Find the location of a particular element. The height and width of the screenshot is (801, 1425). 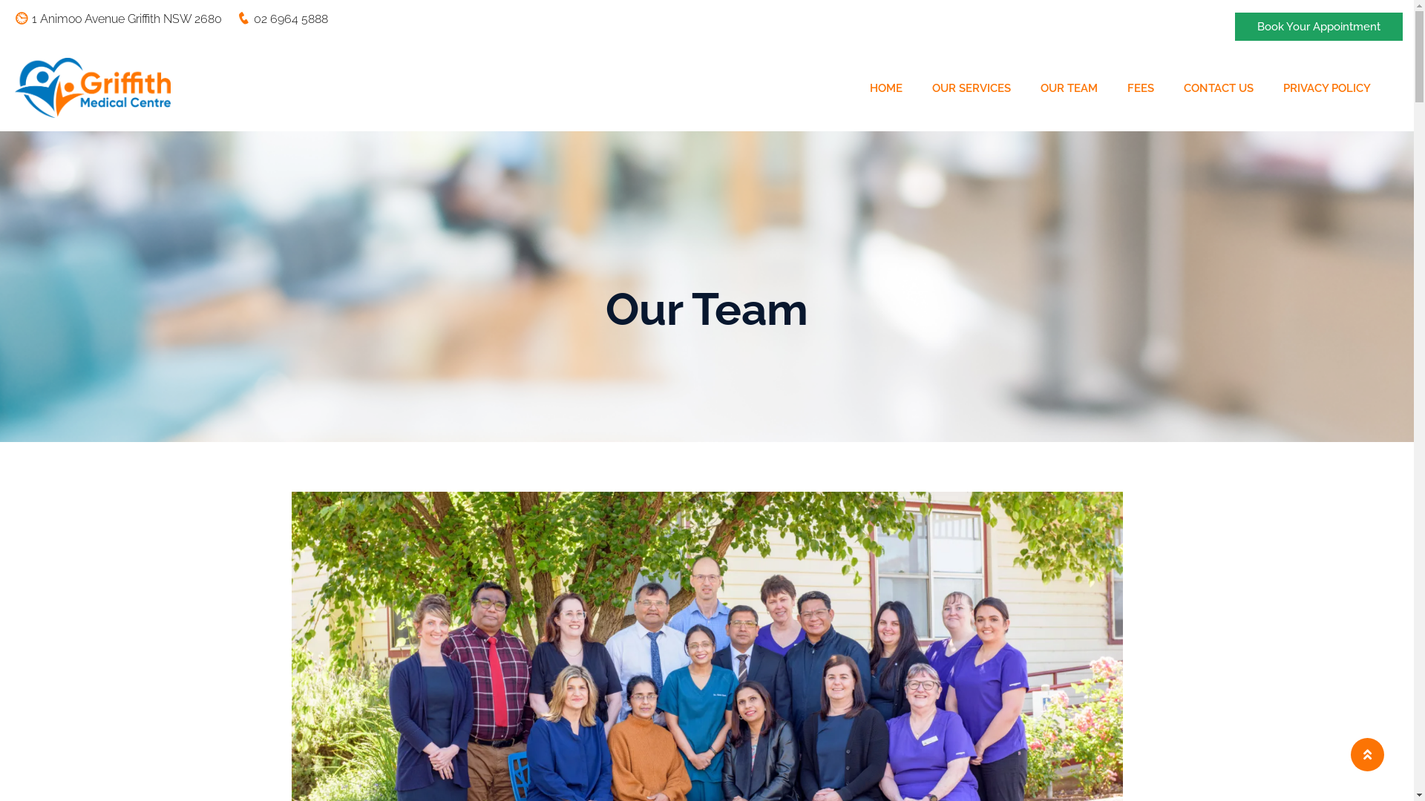

'OUR TEAM' is located at coordinates (1069, 88).